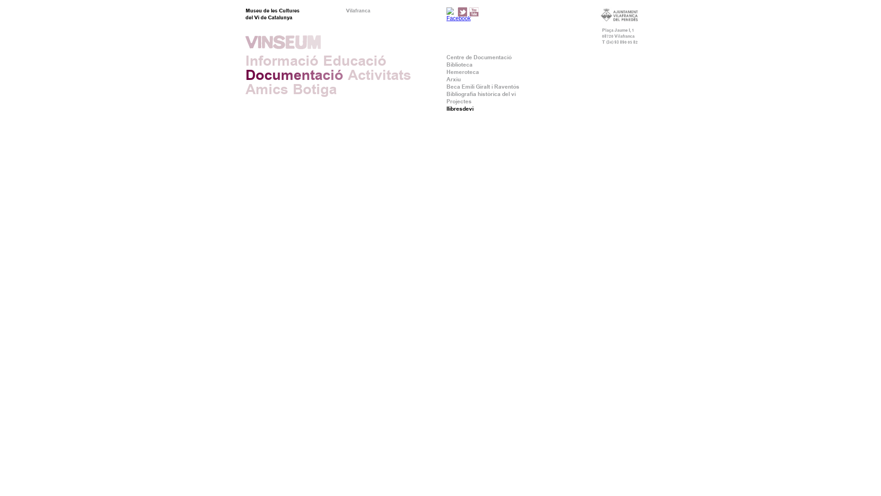 The image size is (881, 496). I want to click on 'Biblioteca', so click(459, 64).